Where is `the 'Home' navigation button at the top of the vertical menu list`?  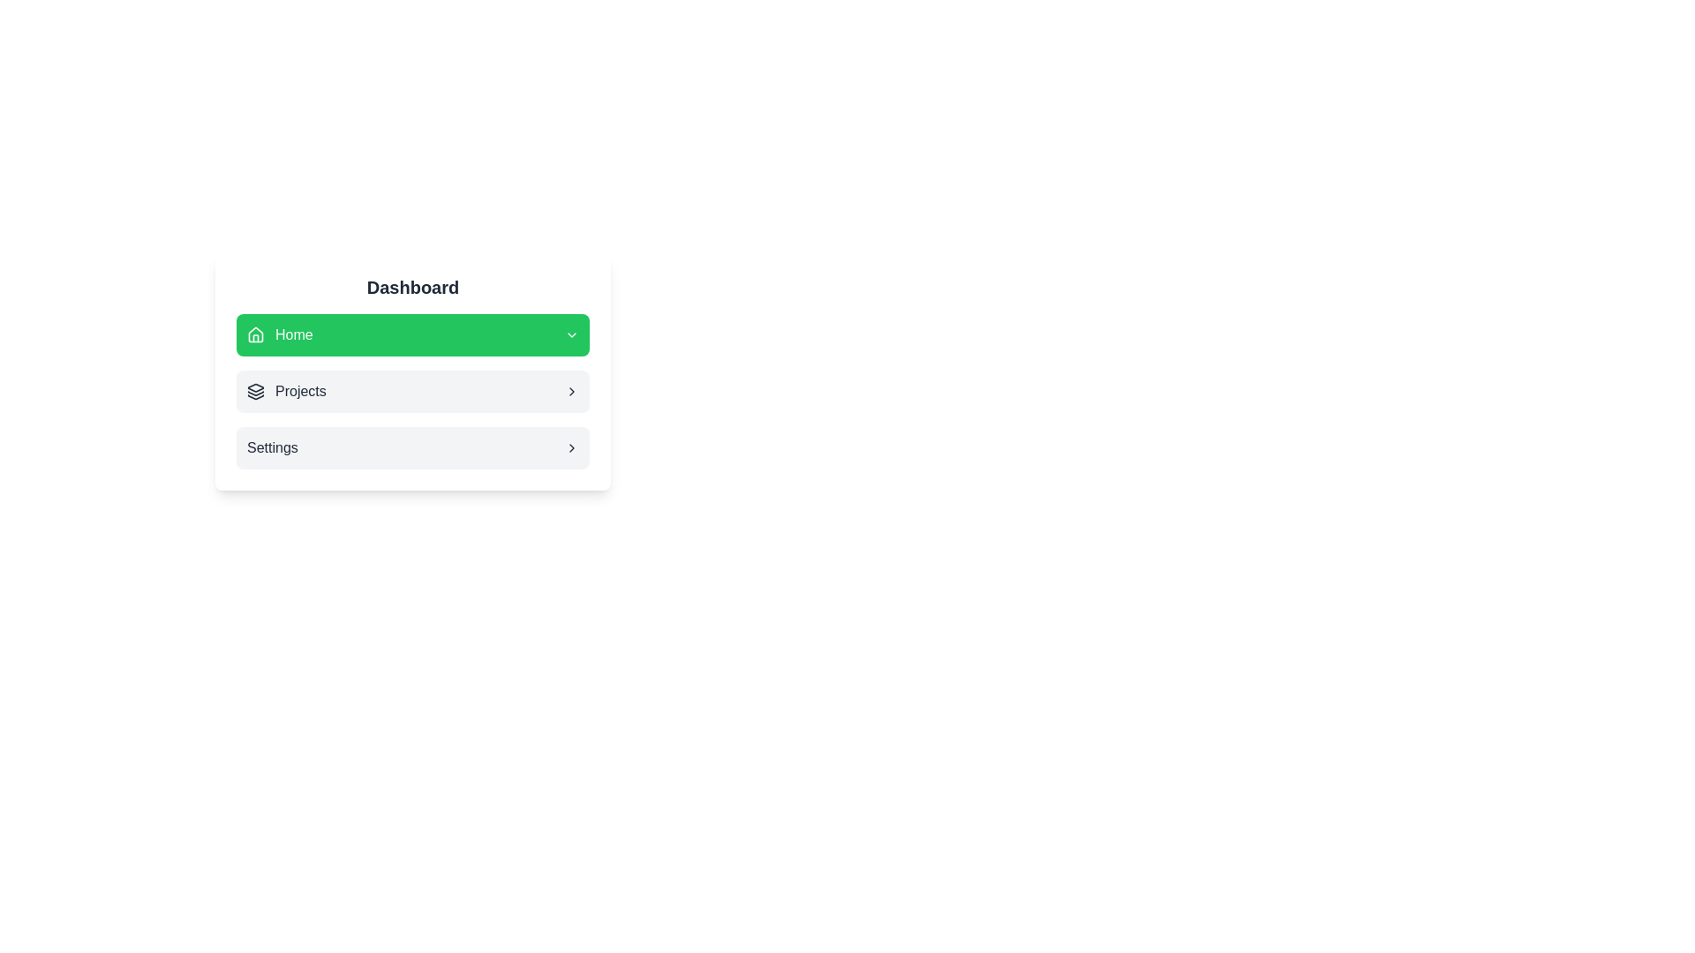 the 'Home' navigation button at the top of the vertical menu list is located at coordinates (411, 335).